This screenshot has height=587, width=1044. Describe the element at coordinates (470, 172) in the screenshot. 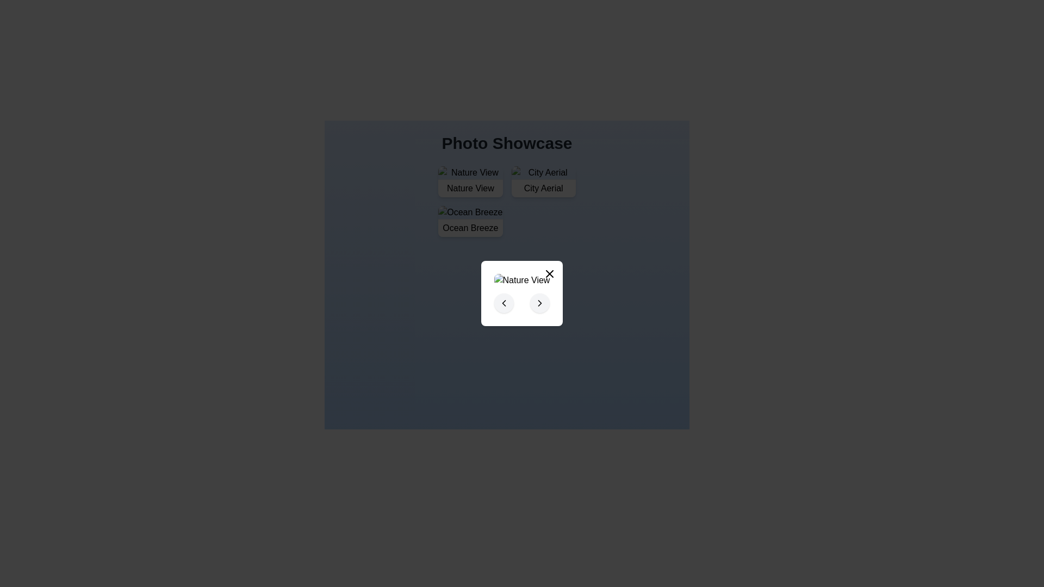

I see `the image element with the alternative text 'Nature View' that is located at the top of a card layout in the top-left segment of a grid, which has a caption below it` at that location.